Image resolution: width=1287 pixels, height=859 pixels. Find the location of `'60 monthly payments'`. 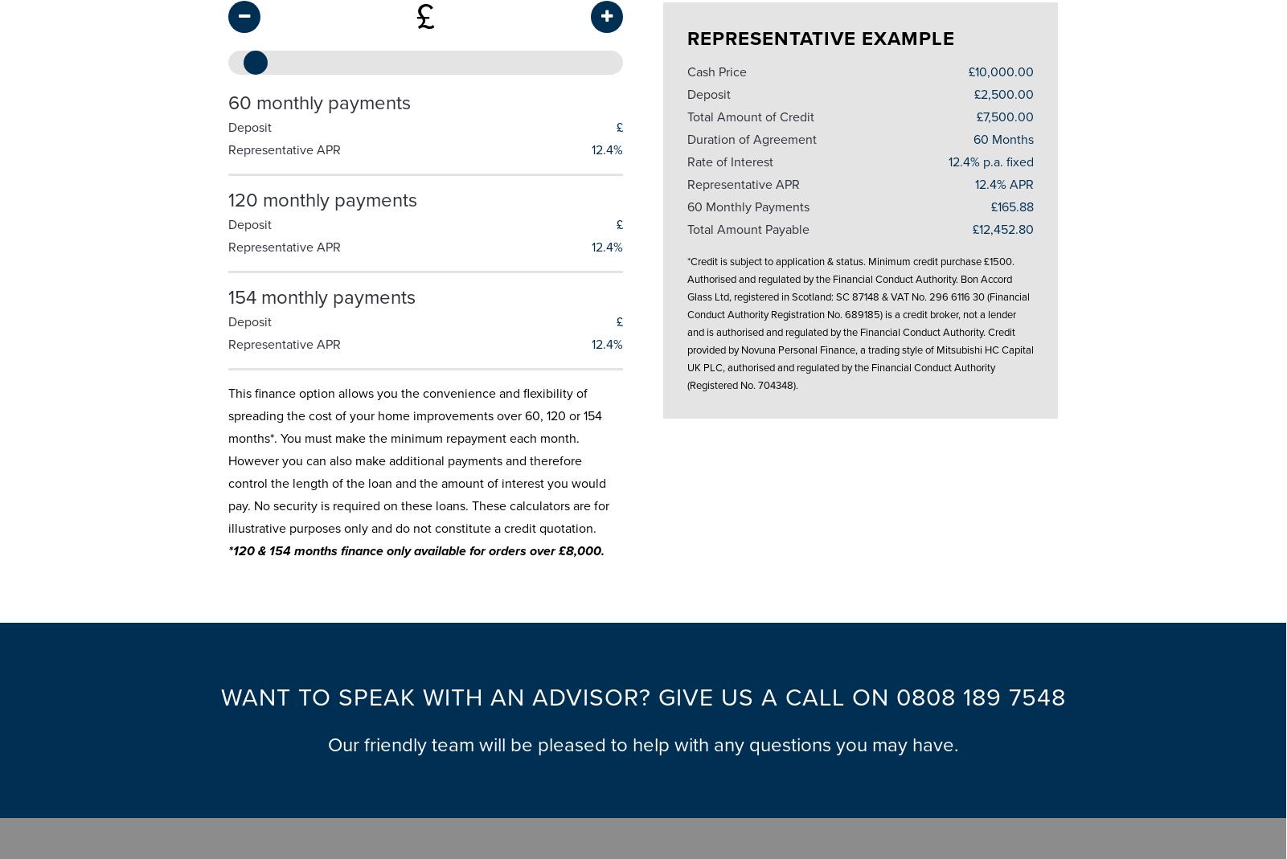

'60 monthly payments' is located at coordinates (318, 96).